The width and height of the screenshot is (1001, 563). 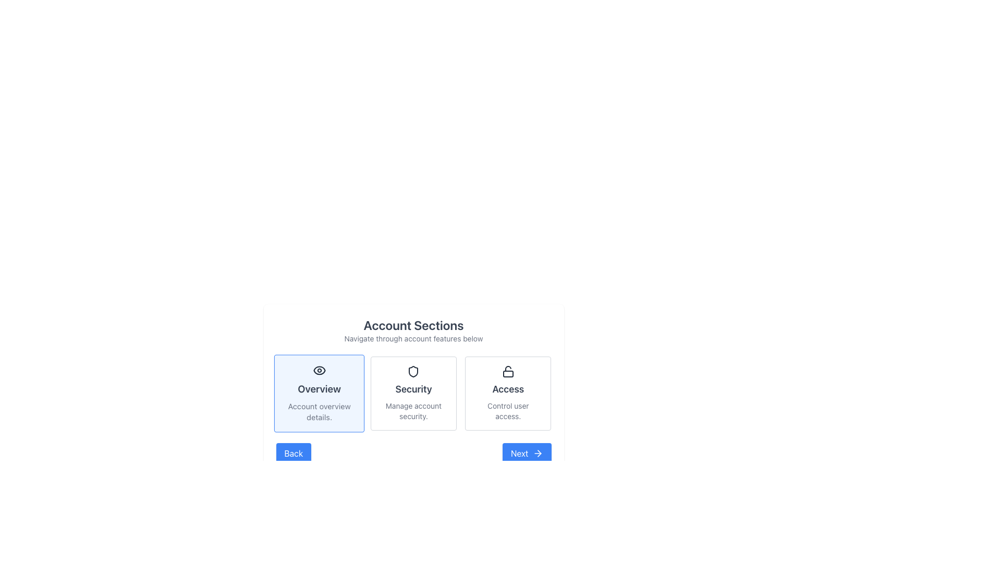 What do you see at coordinates (413, 389) in the screenshot?
I see `the heading text that summarizes account security, located centrally beneath a shield icon and above the 'Manage account security.' text` at bounding box center [413, 389].